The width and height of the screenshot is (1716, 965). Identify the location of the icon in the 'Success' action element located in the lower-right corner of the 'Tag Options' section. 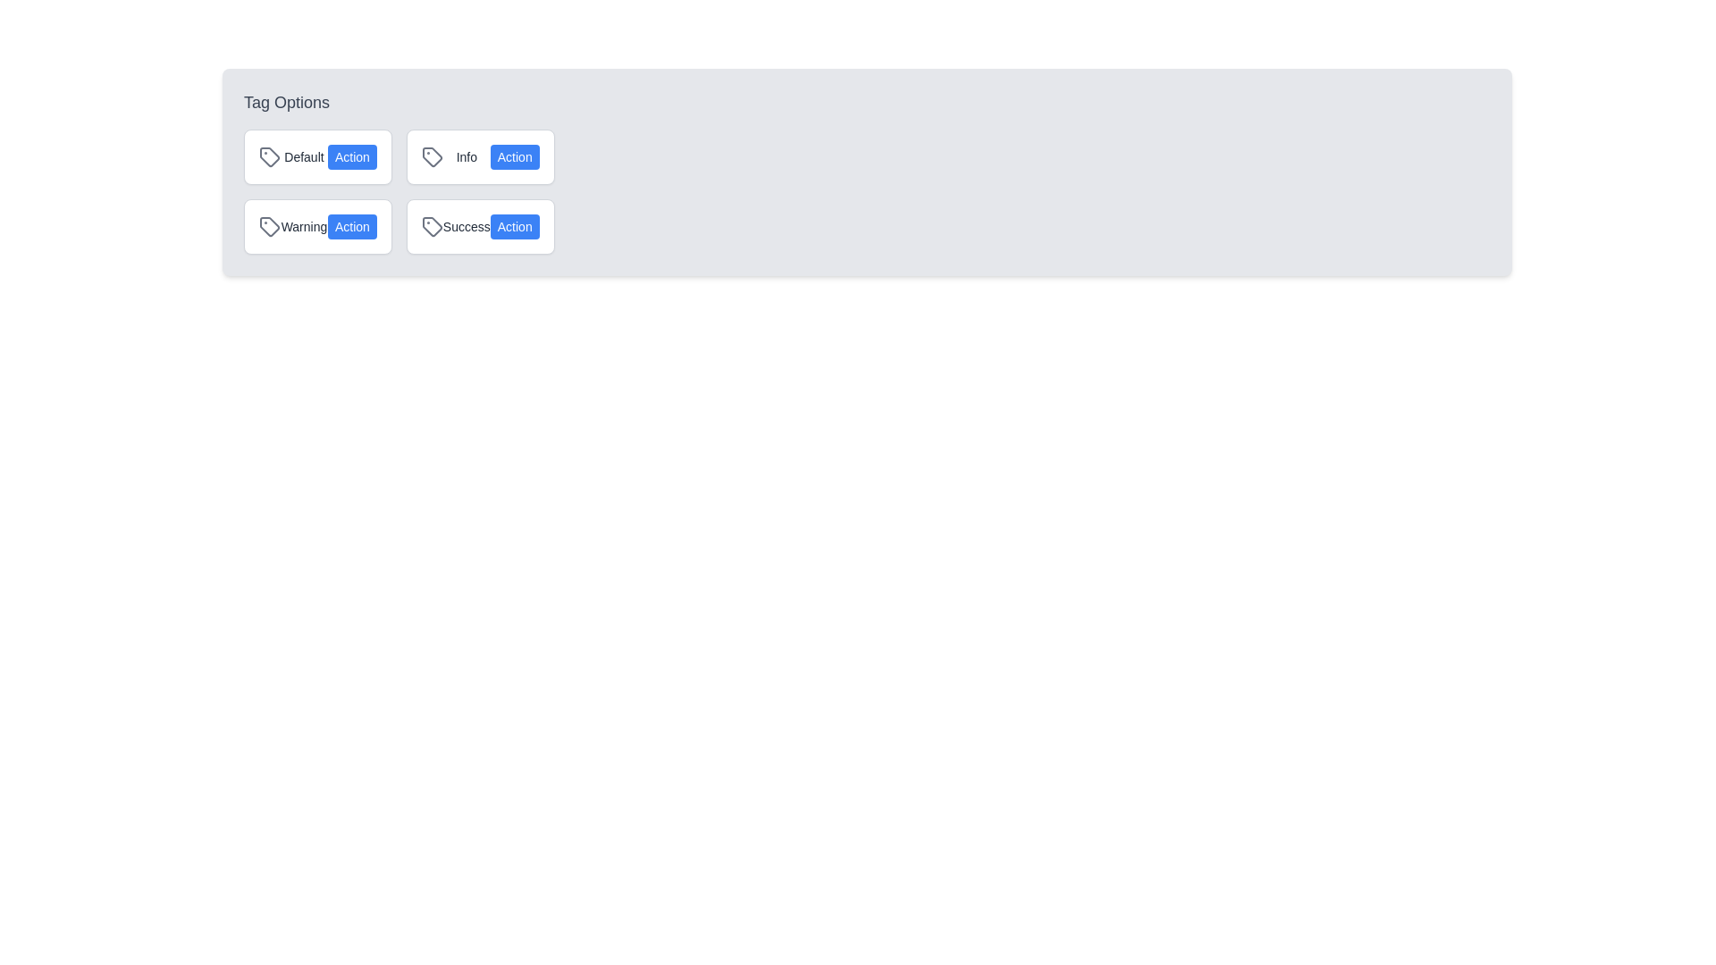
(480, 226).